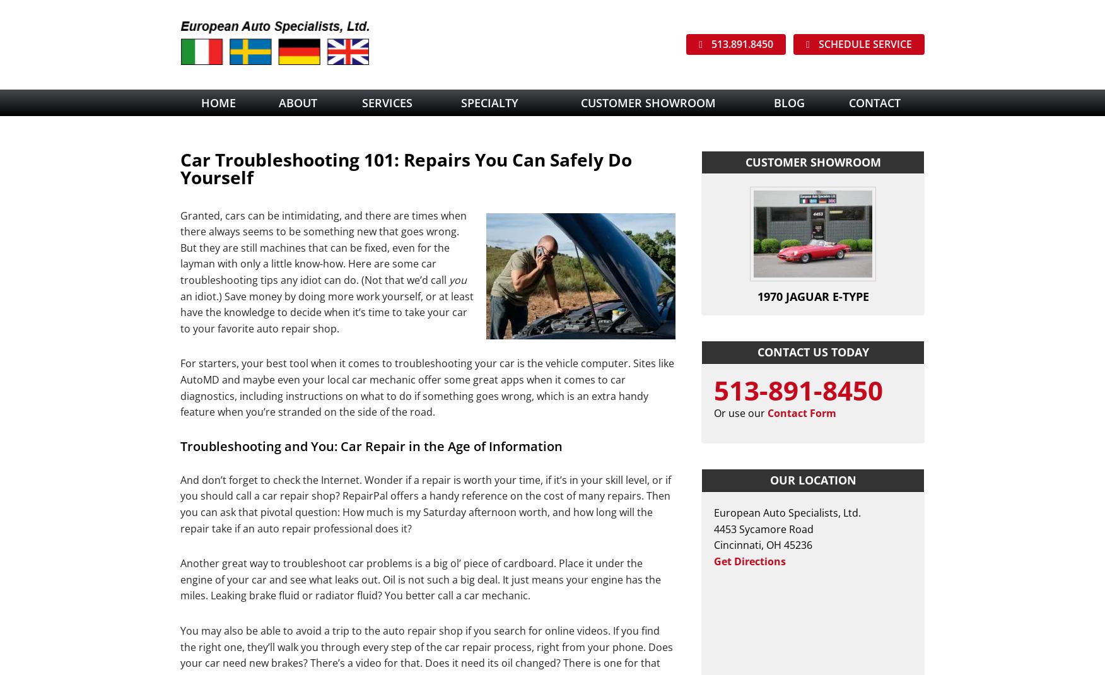  Describe the element at coordinates (812, 296) in the screenshot. I see `'1970 Jaguar E-Type'` at that location.